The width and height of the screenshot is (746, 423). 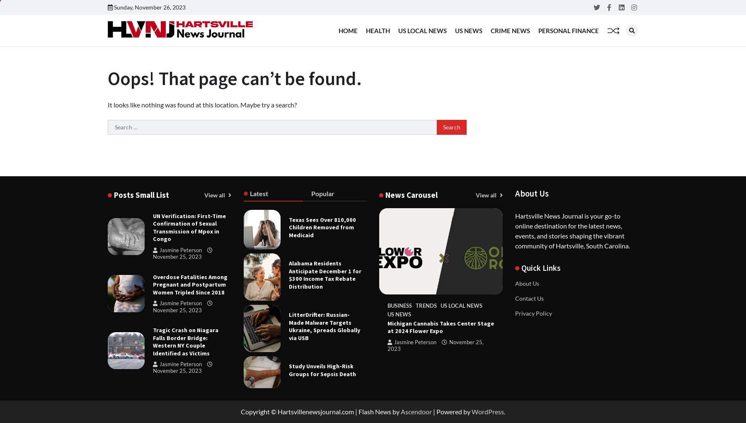 What do you see at coordinates (288, 326) in the screenshot?
I see `'LitterDrifter: Russian-Made Malware Targets Ukraine, Spreads Globally via USB'` at bounding box center [288, 326].